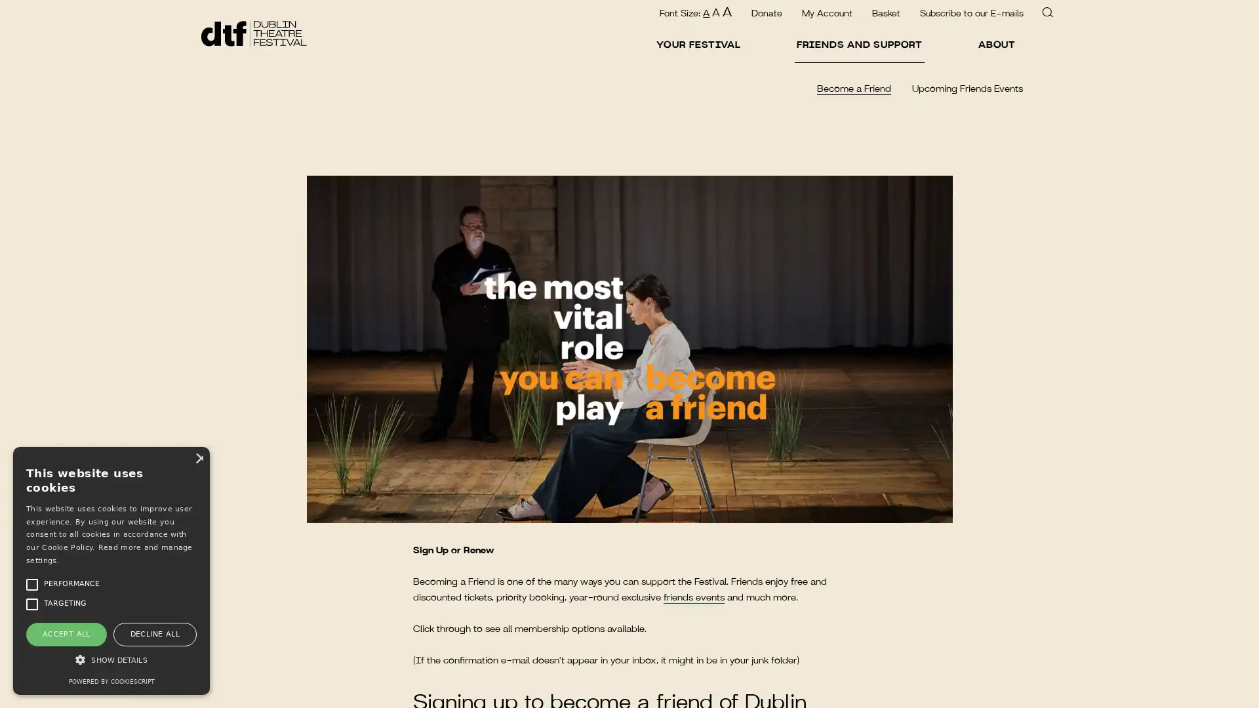 The image size is (1259, 708). What do you see at coordinates (154, 633) in the screenshot?
I see `DECLINE ALL` at bounding box center [154, 633].